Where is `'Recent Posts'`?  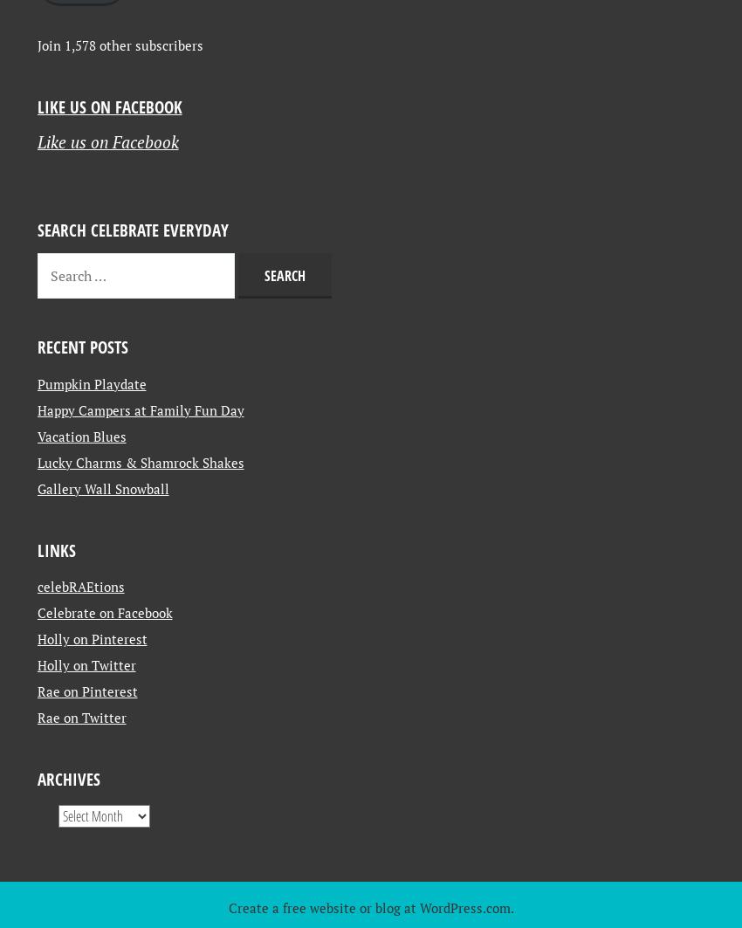 'Recent Posts' is located at coordinates (81, 497).